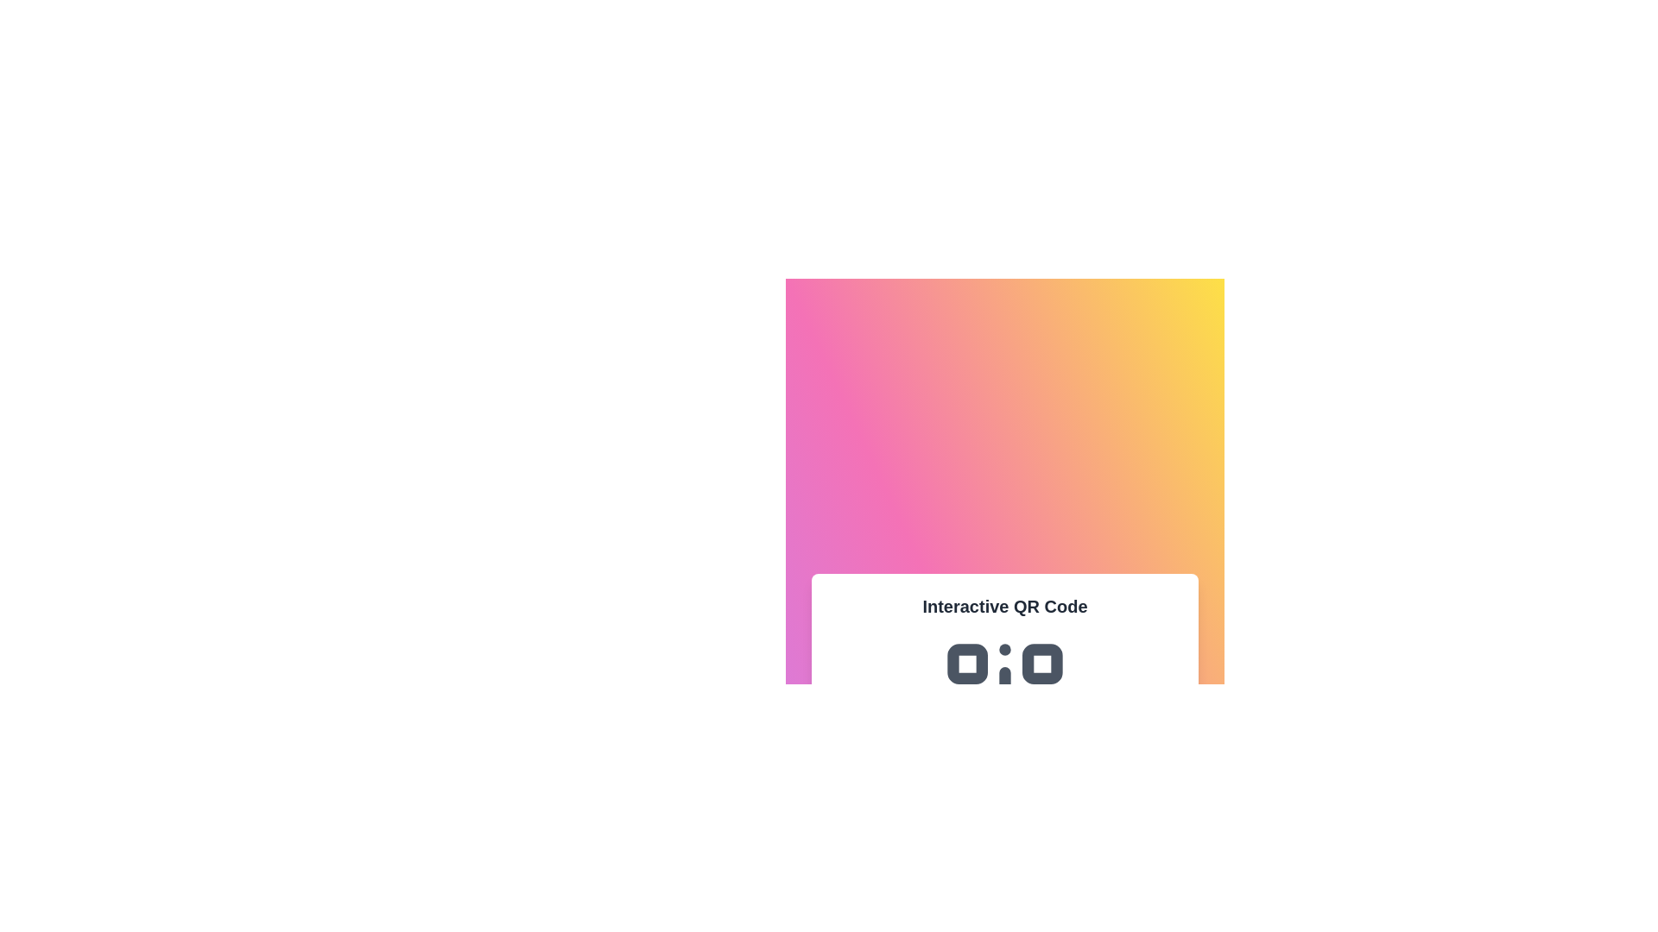 The width and height of the screenshot is (1658, 932). I want to click on the small square-shaped graphical component with rounded corners, located at the top right corner of the QR code within the 'Interactive QR Code' card interface, so click(1041, 663).